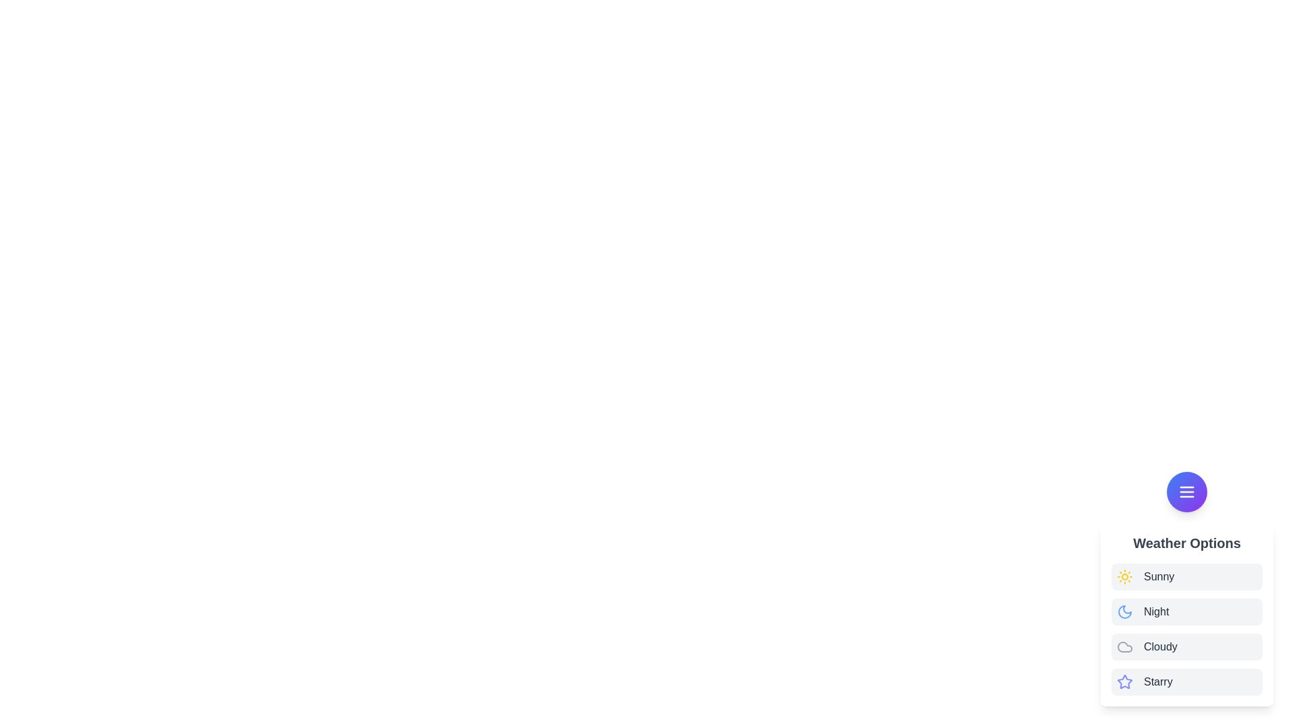 Image resolution: width=1295 pixels, height=728 pixels. I want to click on the icon of the weather option Starry, so click(1125, 681).